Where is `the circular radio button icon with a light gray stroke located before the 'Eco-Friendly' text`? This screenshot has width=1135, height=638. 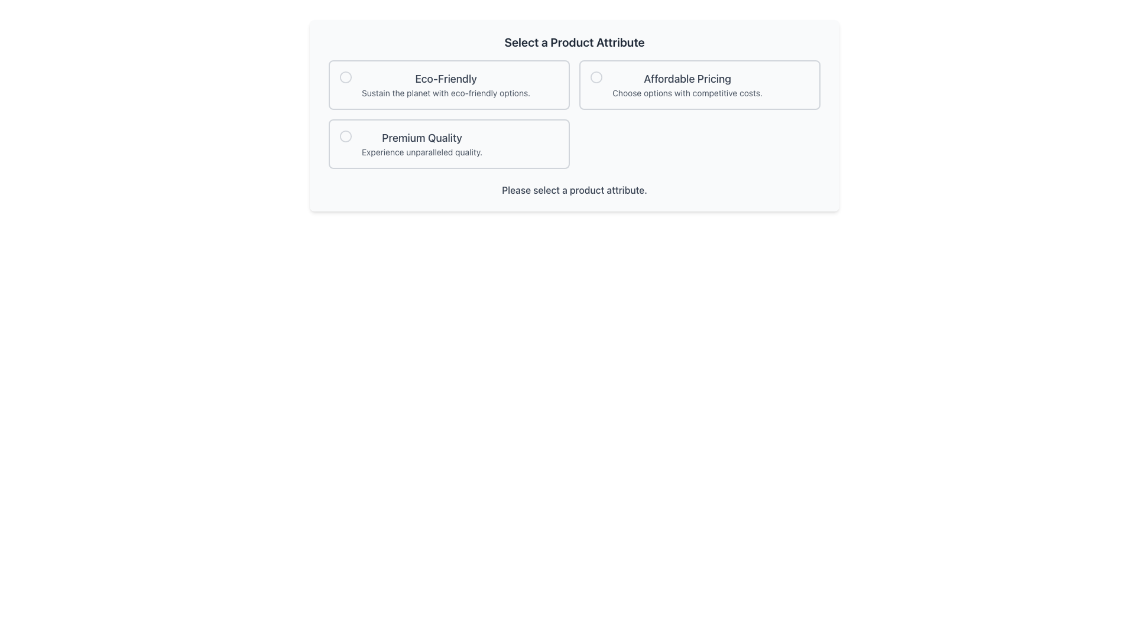
the circular radio button icon with a light gray stroke located before the 'Eco-Friendly' text is located at coordinates (345, 77).